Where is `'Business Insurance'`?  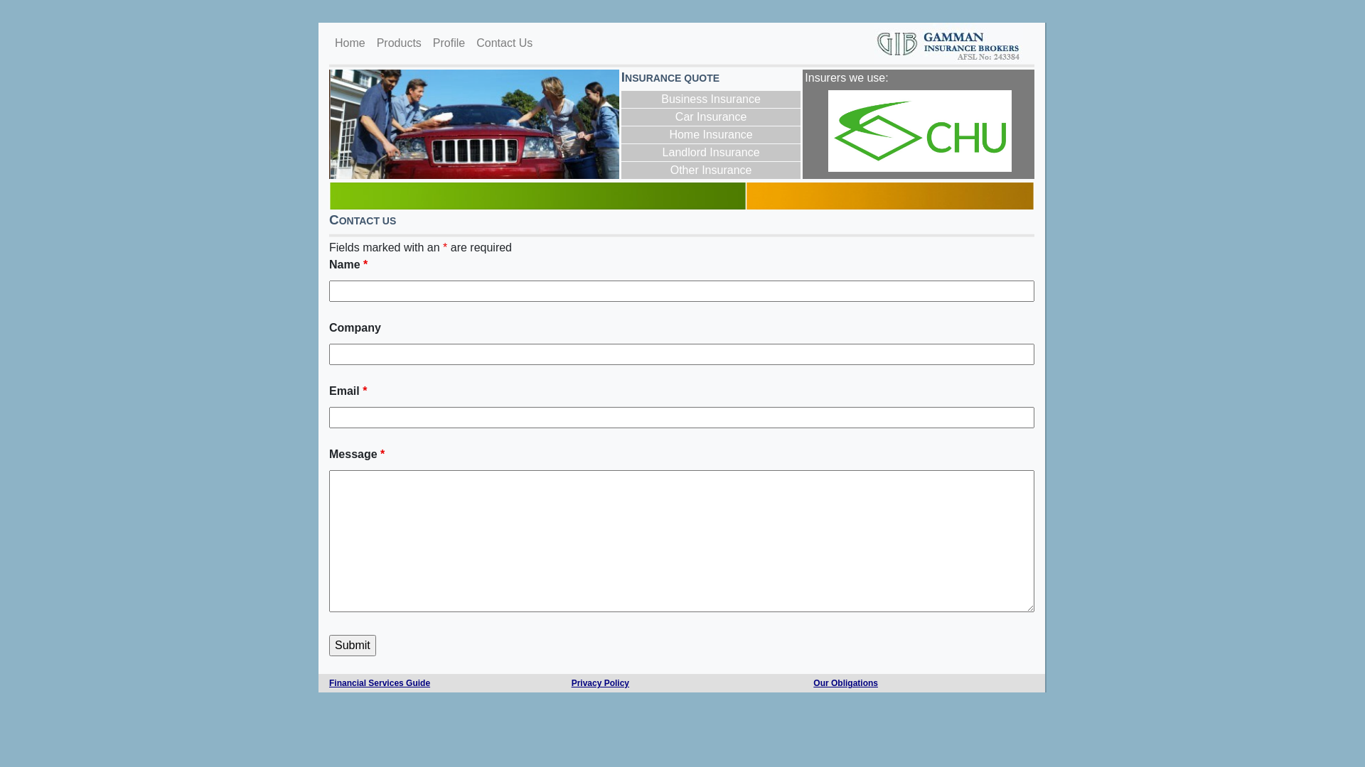
'Business Insurance' is located at coordinates (711, 98).